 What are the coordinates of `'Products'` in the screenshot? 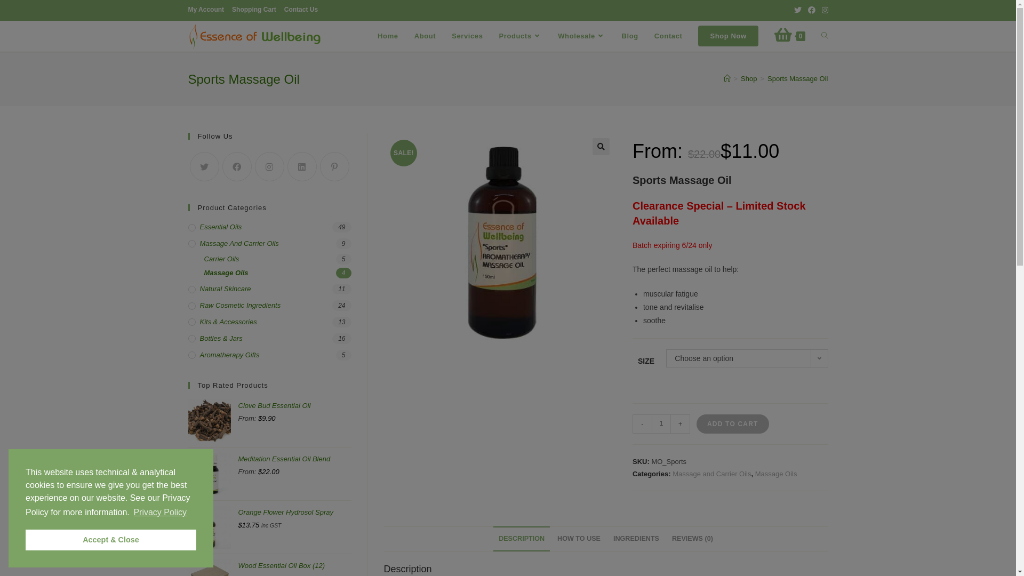 It's located at (520, 36).